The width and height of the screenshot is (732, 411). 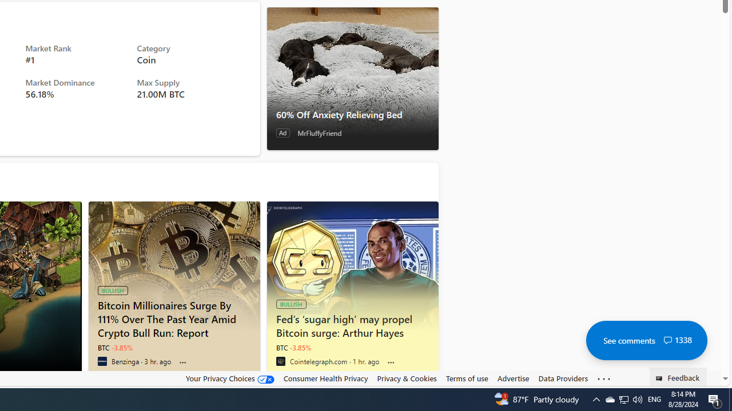 I want to click on 'Privacy & Cookies', so click(x=407, y=378).